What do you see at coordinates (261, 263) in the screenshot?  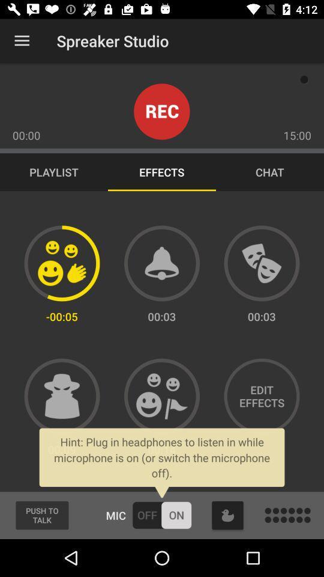 I see `effect` at bounding box center [261, 263].